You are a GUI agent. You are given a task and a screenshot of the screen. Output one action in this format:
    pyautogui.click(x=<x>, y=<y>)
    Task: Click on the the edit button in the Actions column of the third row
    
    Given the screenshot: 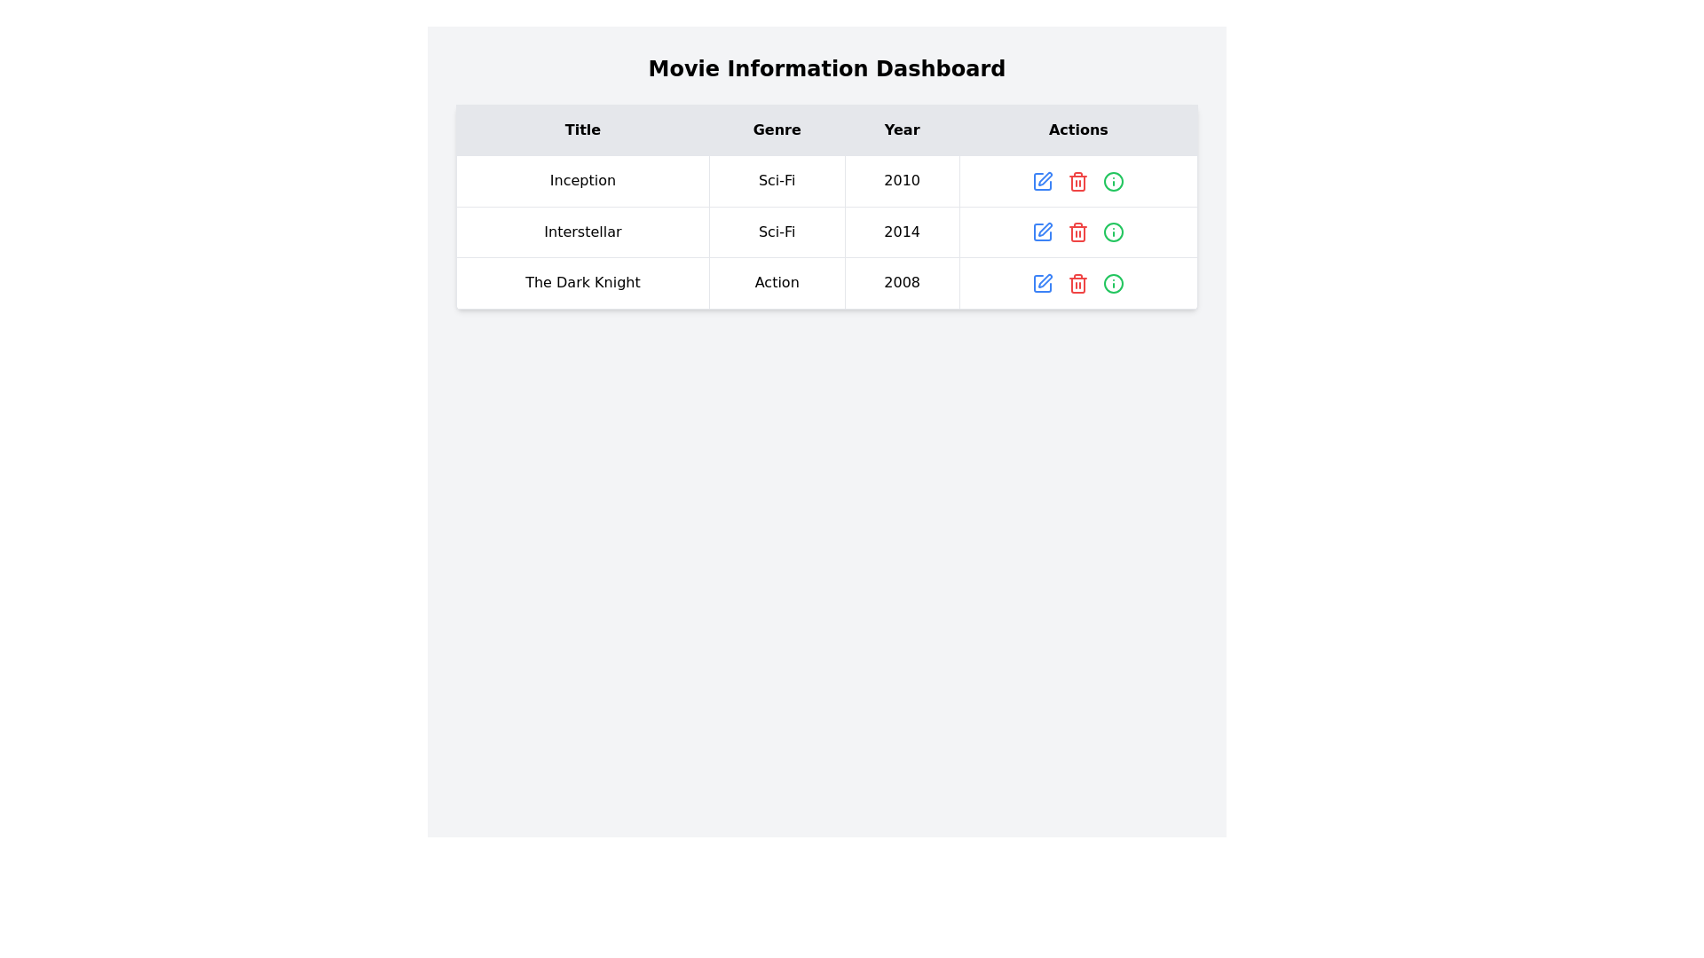 What is the action you would take?
    pyautogui.click(x=1043, y=282)
    